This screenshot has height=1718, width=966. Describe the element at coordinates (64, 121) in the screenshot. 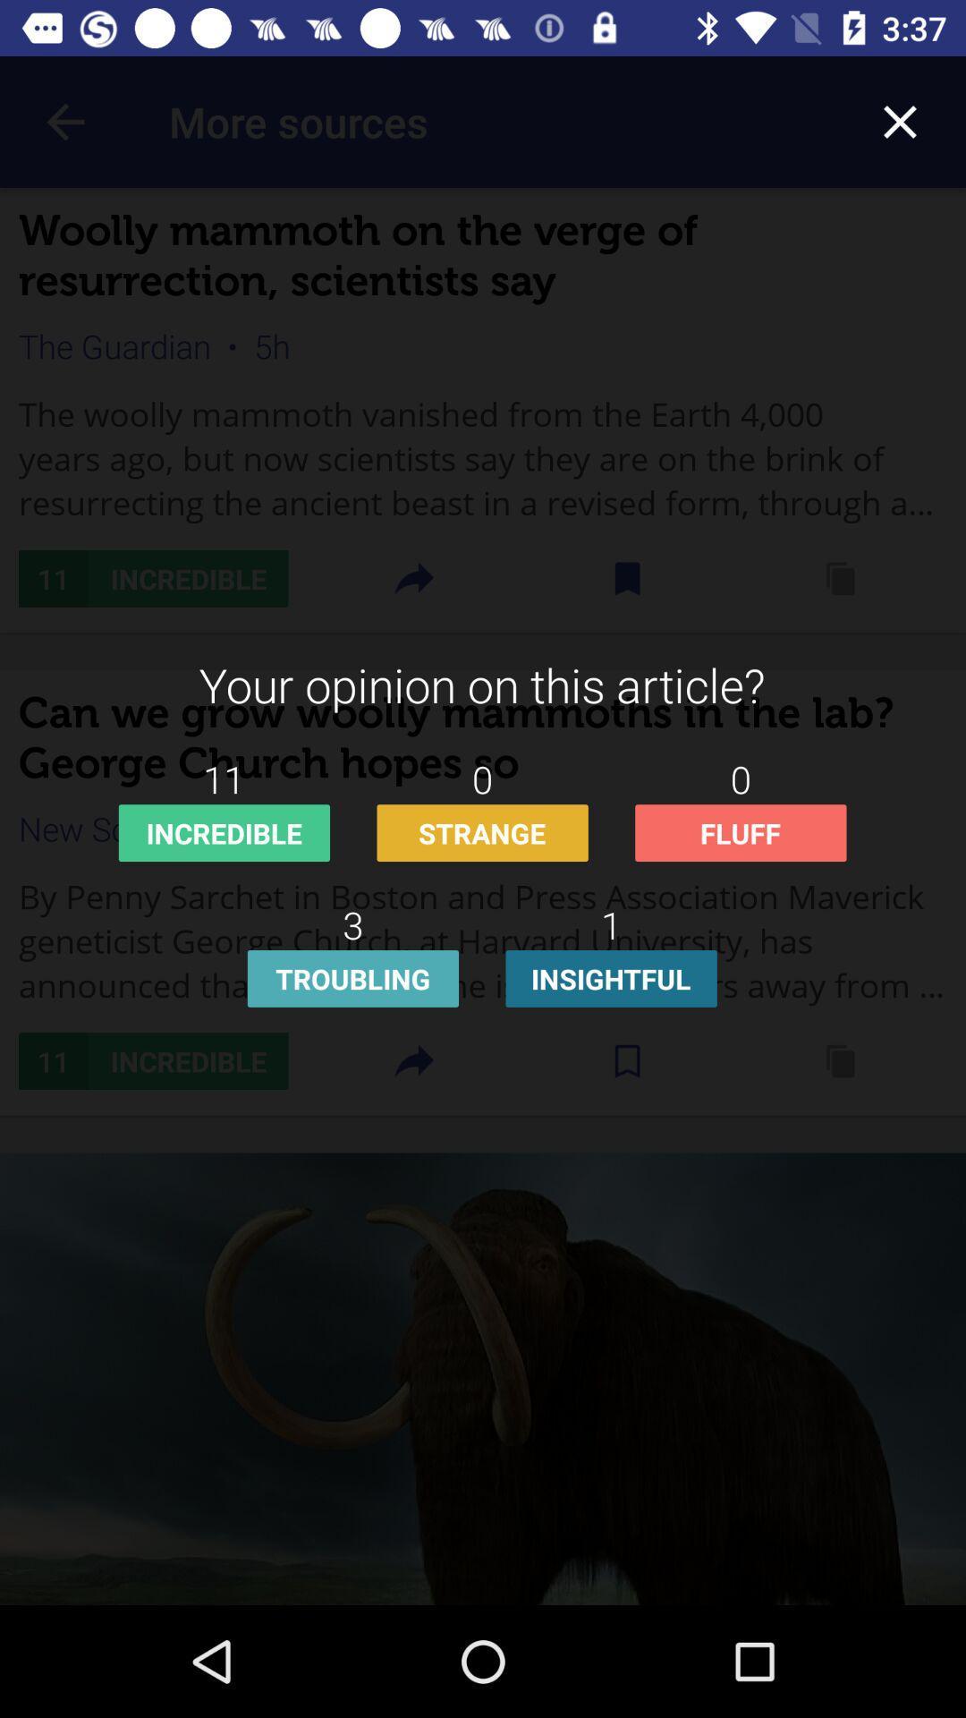

I see `icon above the woolly mammoth on icon` at that location.